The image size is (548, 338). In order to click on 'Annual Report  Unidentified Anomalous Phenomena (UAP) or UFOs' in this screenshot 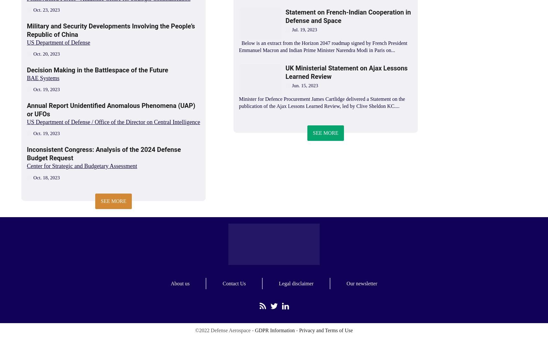, I will do `click(27, 109)`.